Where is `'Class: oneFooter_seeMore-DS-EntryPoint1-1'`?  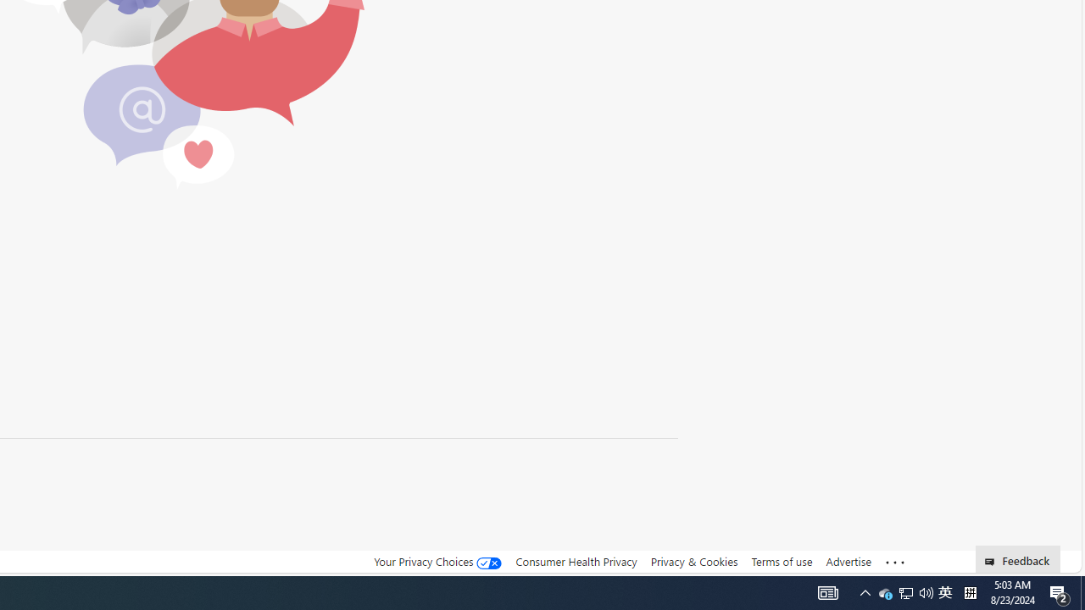
'Class: oneFooter_seeMore-DS-EntryPoint1-1' is located at coordinates (894, 562).